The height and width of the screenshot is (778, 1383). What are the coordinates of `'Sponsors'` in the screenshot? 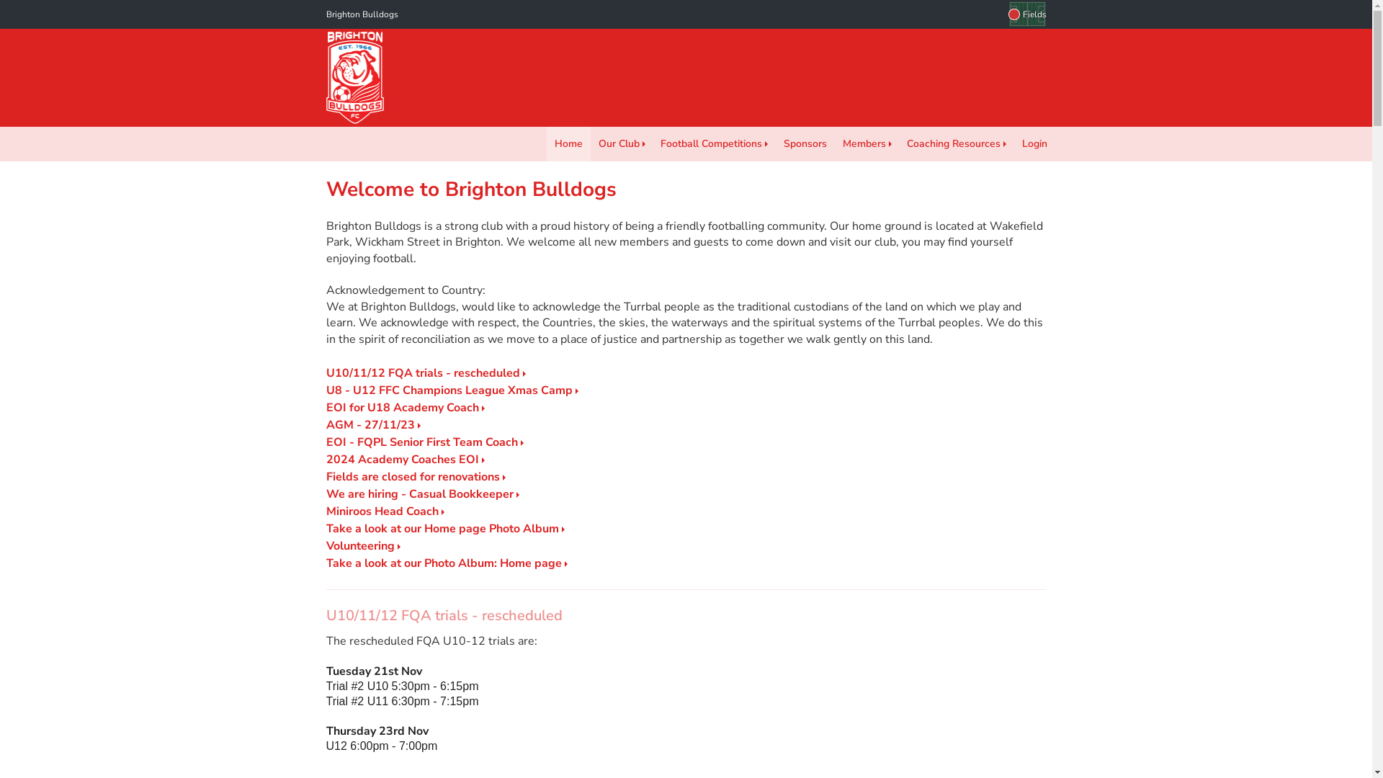 It's located at (805, 144).